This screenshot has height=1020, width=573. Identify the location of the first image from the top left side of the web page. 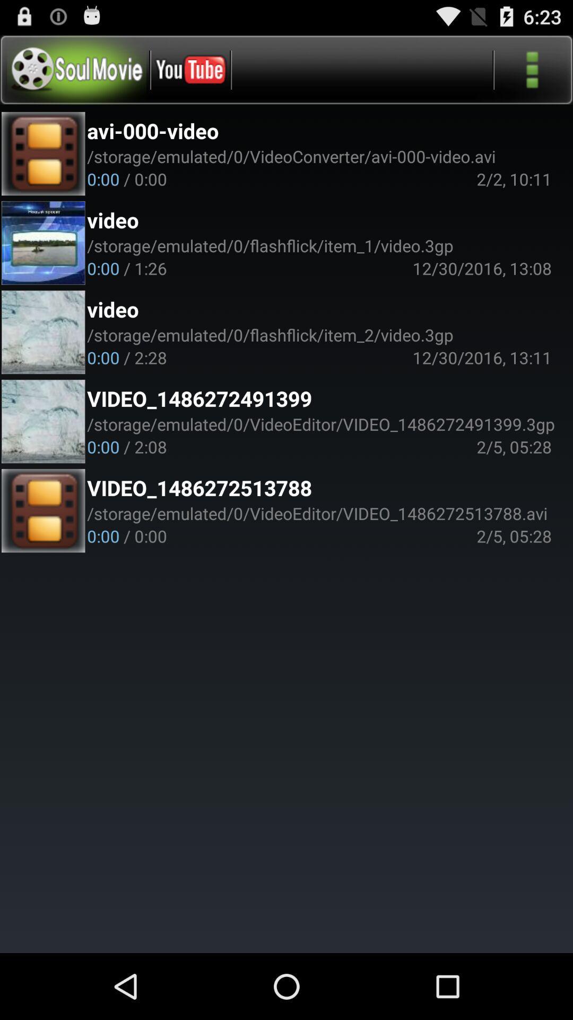
(43, 153).